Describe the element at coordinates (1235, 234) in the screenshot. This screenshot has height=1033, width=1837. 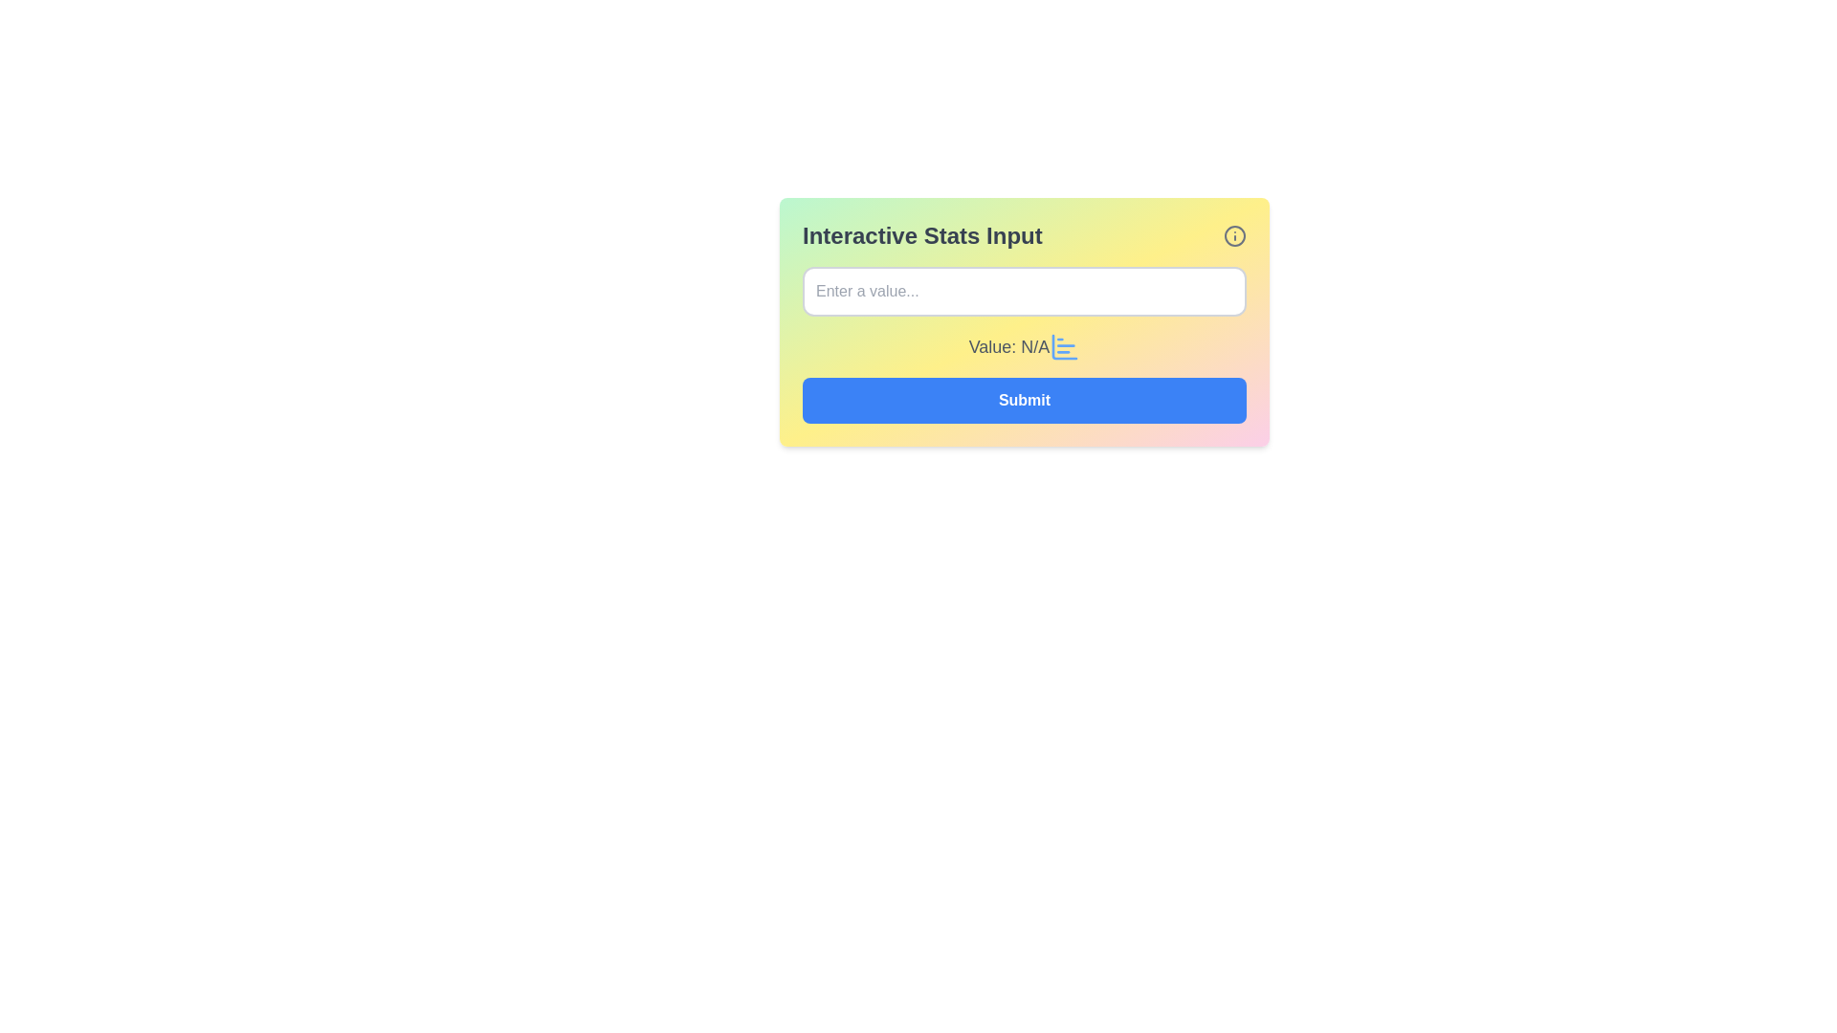
I see `the Informational Icon located to the far right of the 'Interactive Stats Input' section` at that location.